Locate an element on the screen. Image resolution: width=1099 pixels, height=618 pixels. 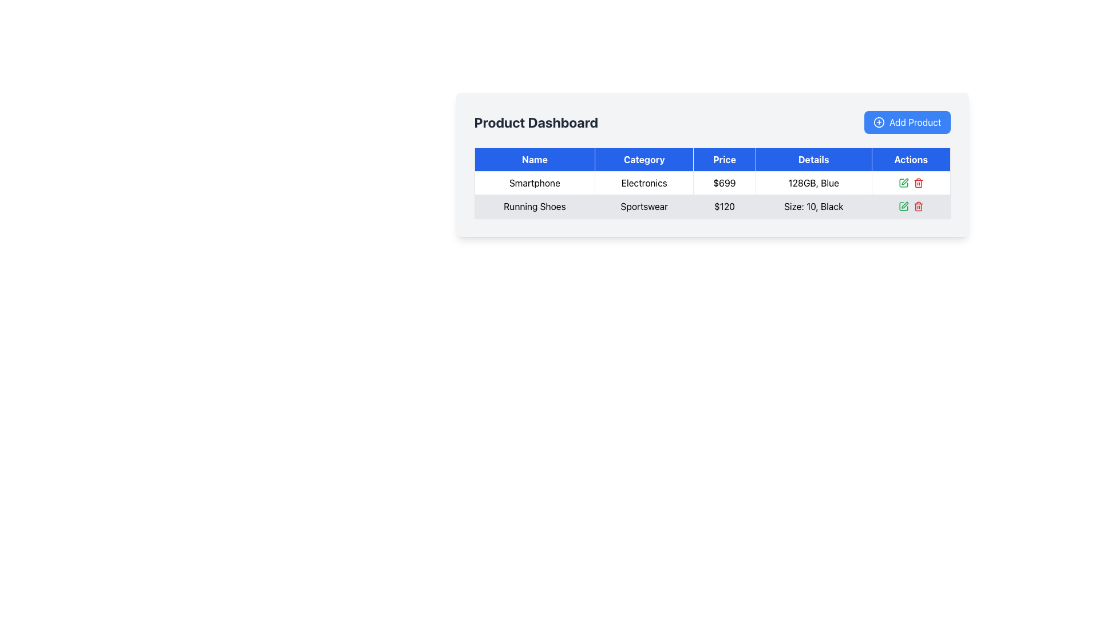
the table row containing data about a smartphone and running shoes, which is located under the headers 'Name', 'Category', 'Price', 'Details', and 'Actions' is located at coordinates (711, 194).